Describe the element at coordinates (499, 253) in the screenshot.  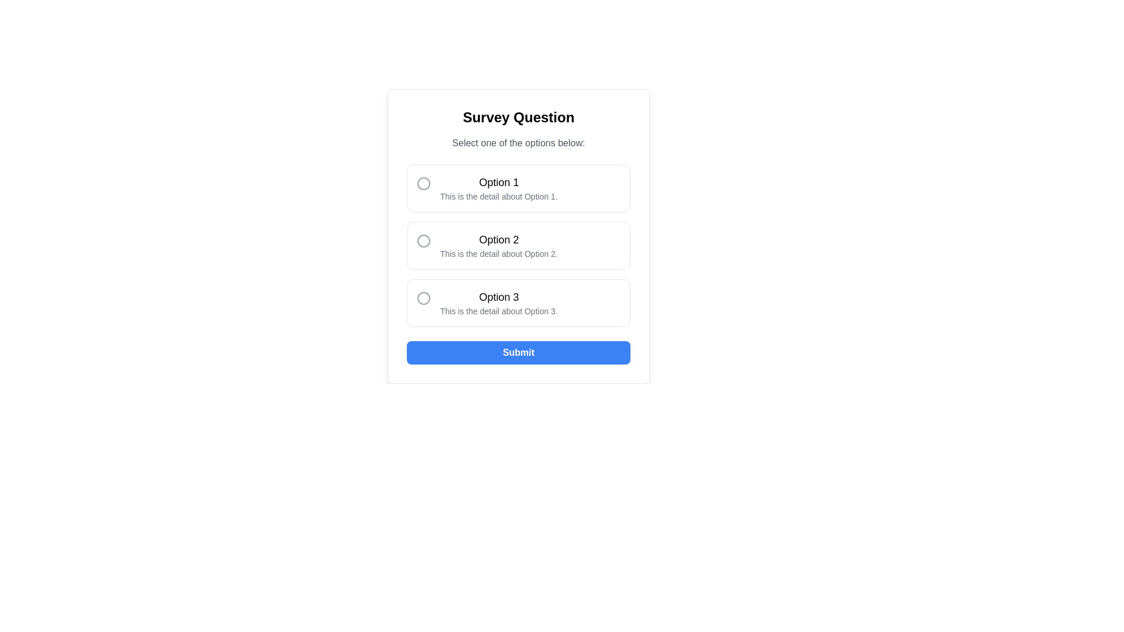
I see `the Text label providing additional information about Option 2 in the survey question, which is centered horizontally below 'Option 2'` at that location.